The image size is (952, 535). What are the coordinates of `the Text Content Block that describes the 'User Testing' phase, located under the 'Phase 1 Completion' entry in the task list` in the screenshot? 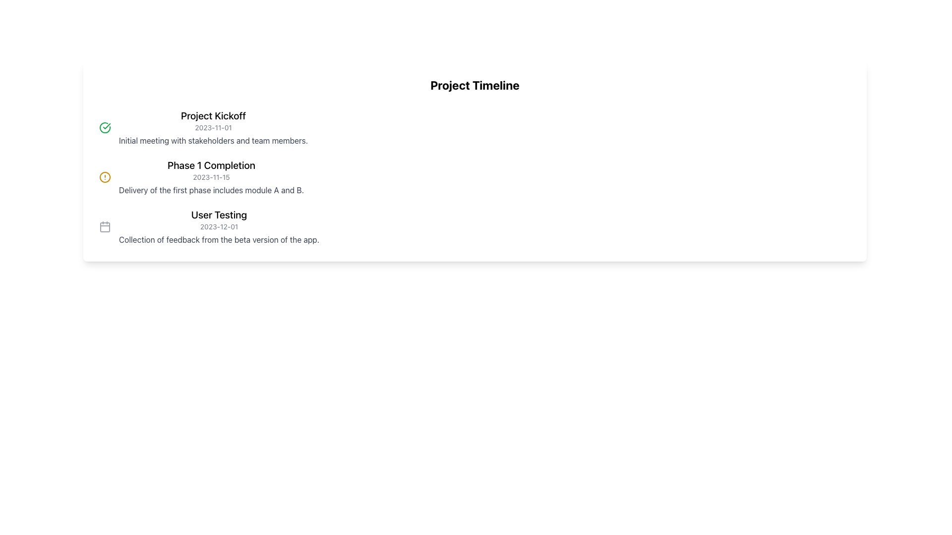 It's located at (218, 227).